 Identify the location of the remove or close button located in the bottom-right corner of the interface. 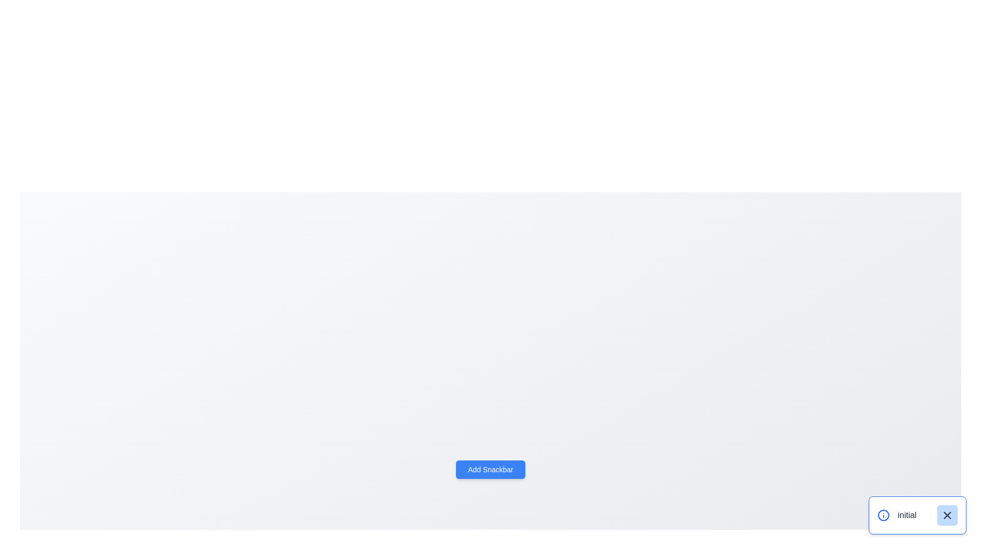
(947, 515).